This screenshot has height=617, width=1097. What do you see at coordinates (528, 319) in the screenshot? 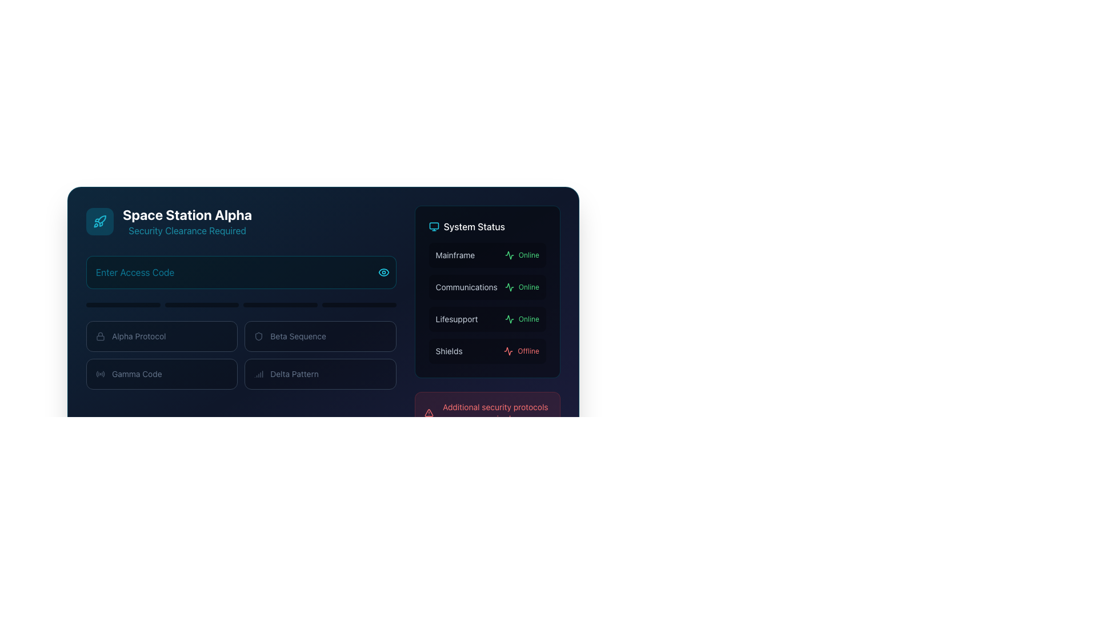
I see `the green-colored text label that reads 'Online' in the 'System Status' section, located next to the 'Lifesupport' label` at bounding box center [528, 319].